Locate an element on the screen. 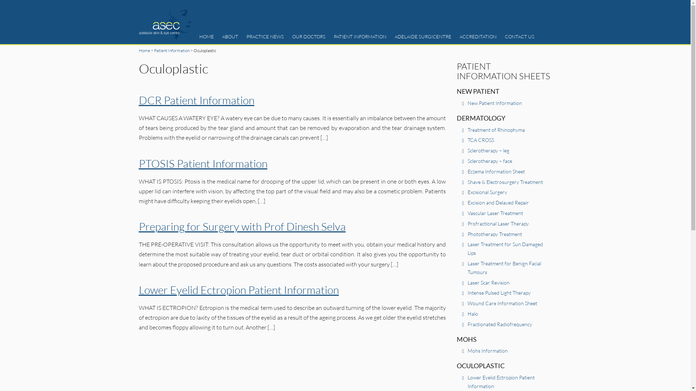 The height and width of the screenshot is (391, 696). 'Laser Scar Revision' is located at coordinates (489, 282).